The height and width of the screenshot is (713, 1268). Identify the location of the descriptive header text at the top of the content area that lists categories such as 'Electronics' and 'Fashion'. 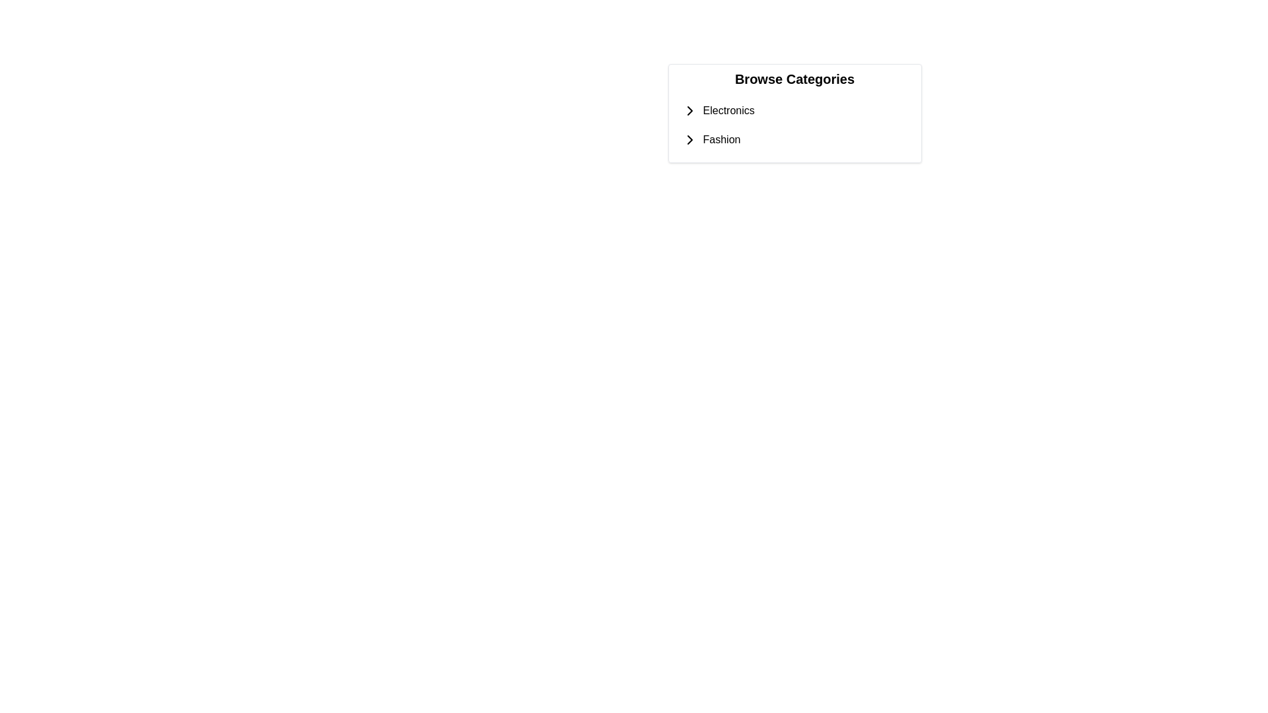
(794, 79).